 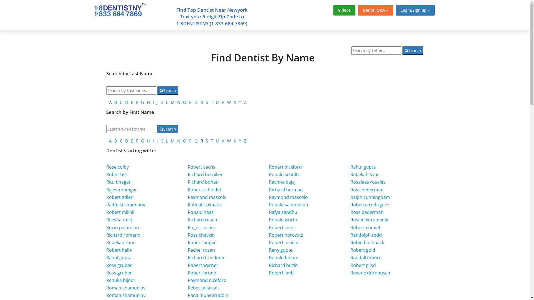 What do you see at coordinates (201, 235) in the screenshot?
I see `'Ross chavkin'` at bounding box center [201, 235].